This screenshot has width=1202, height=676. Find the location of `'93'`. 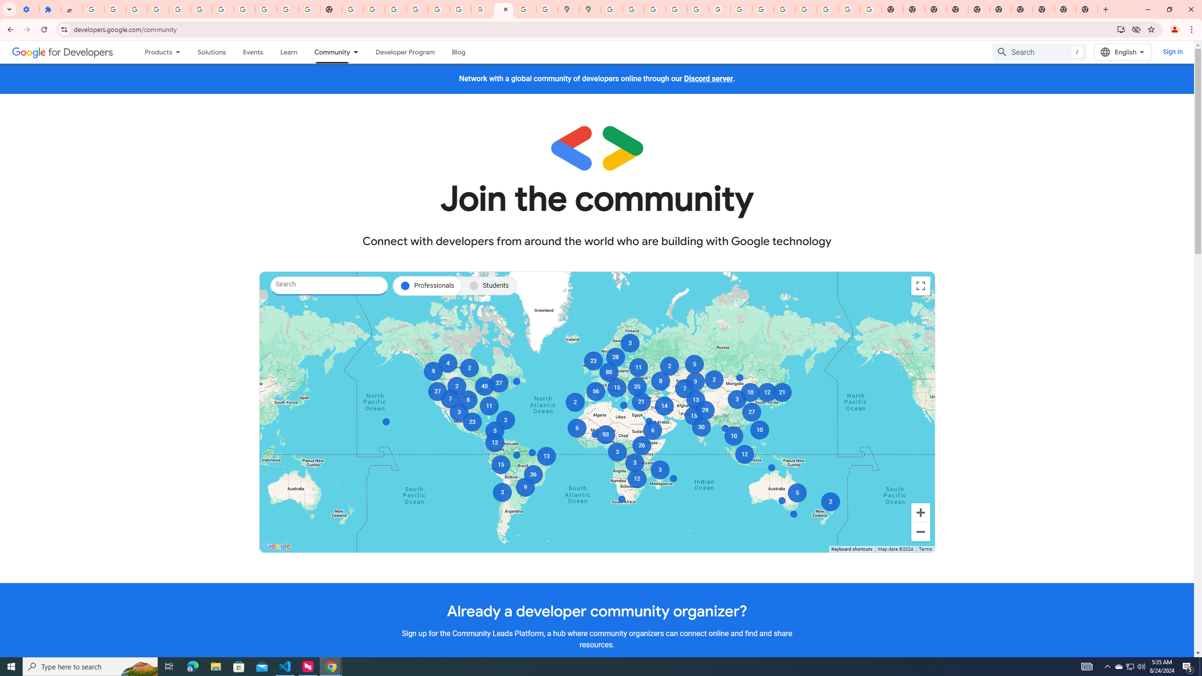

'93' is located at coordinates (605, 434).